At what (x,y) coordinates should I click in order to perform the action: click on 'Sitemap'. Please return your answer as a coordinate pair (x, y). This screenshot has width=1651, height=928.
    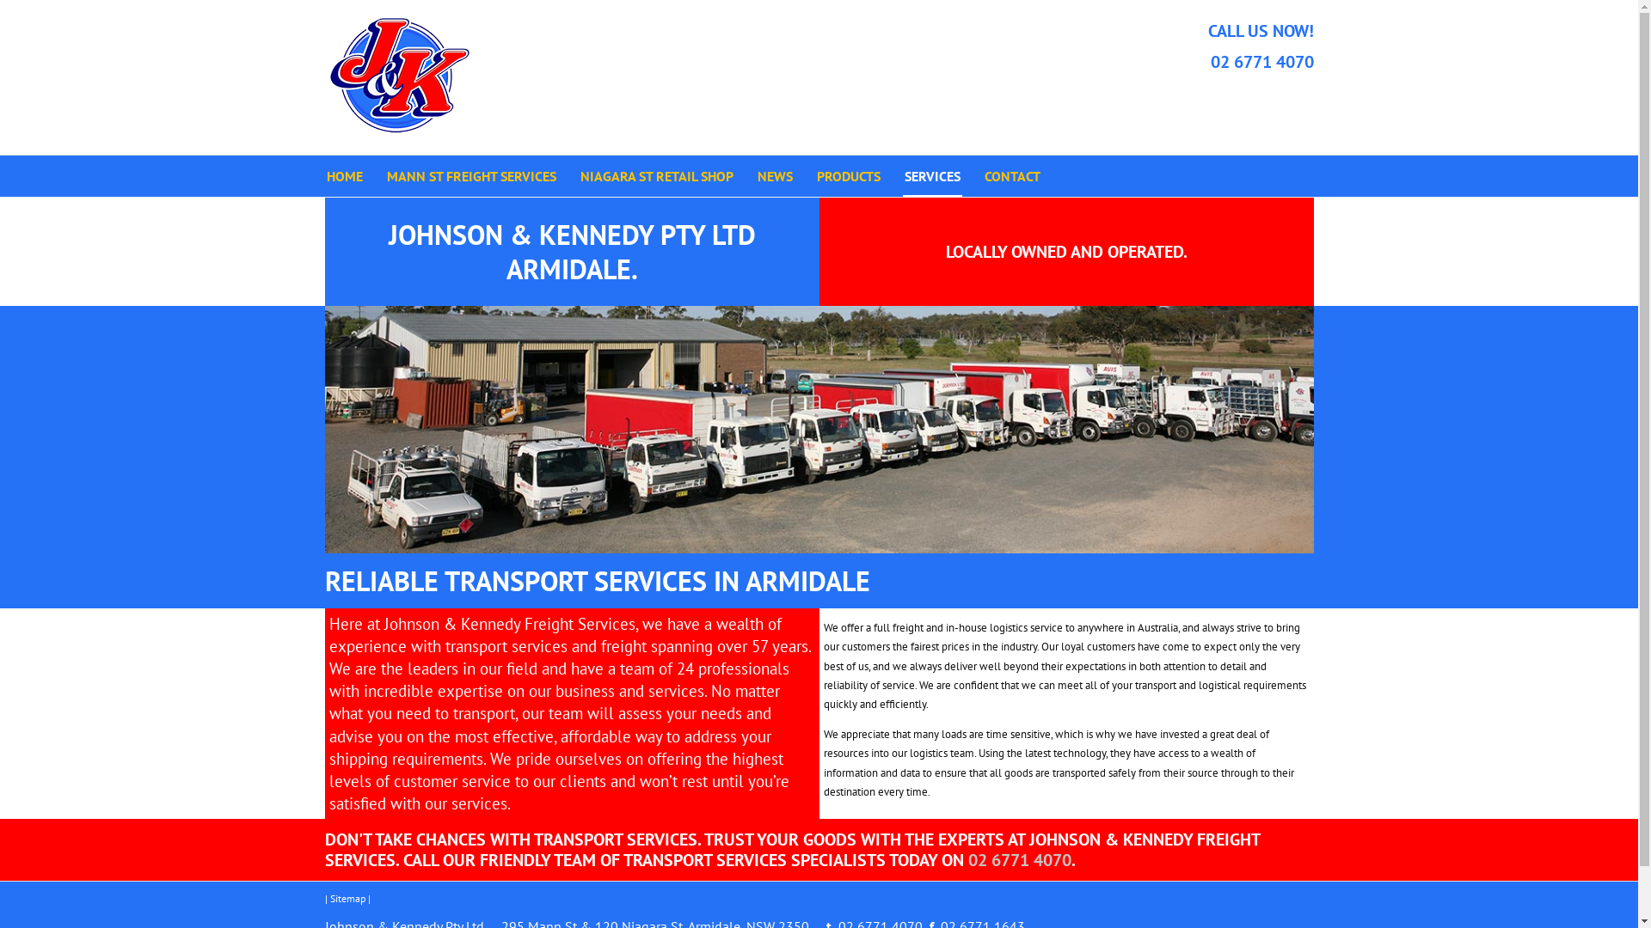
    Looking at the image, I should click on (347, 897).